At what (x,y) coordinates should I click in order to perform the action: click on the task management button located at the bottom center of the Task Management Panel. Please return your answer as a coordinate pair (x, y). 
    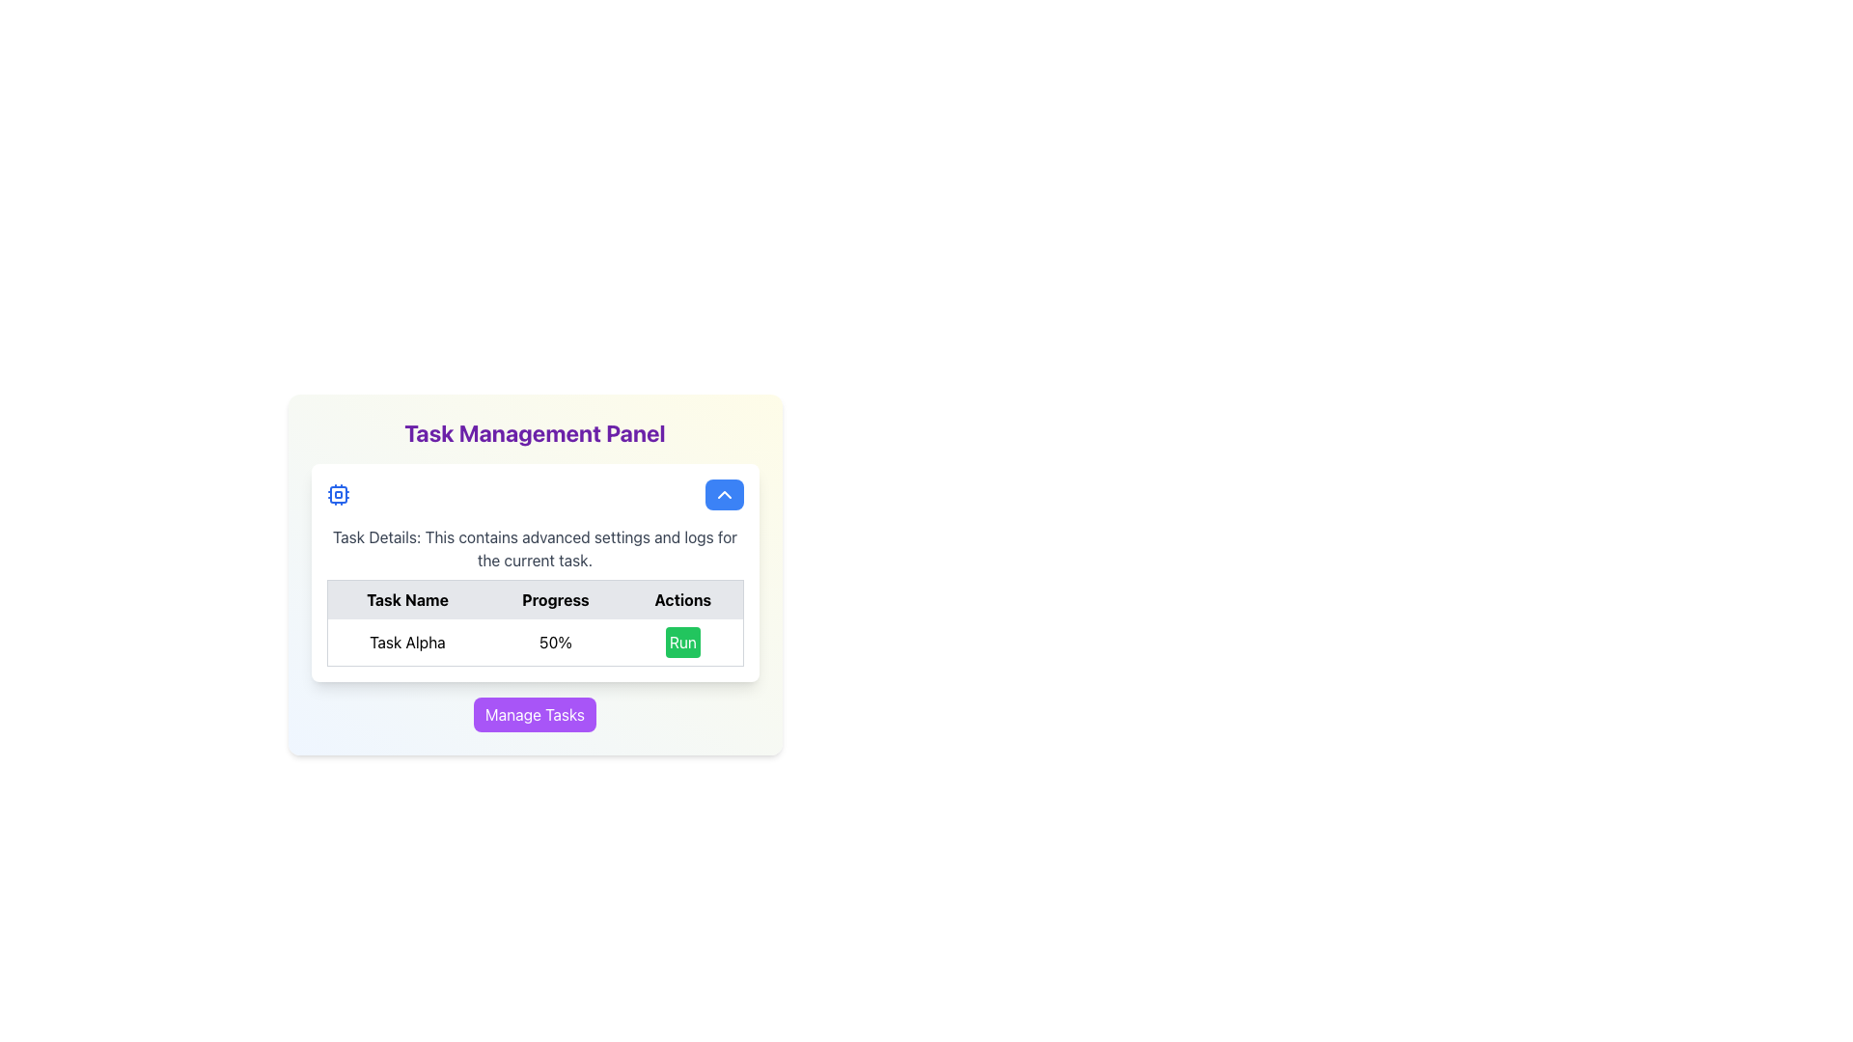
    Looking at the image, I should click on (535, 714).